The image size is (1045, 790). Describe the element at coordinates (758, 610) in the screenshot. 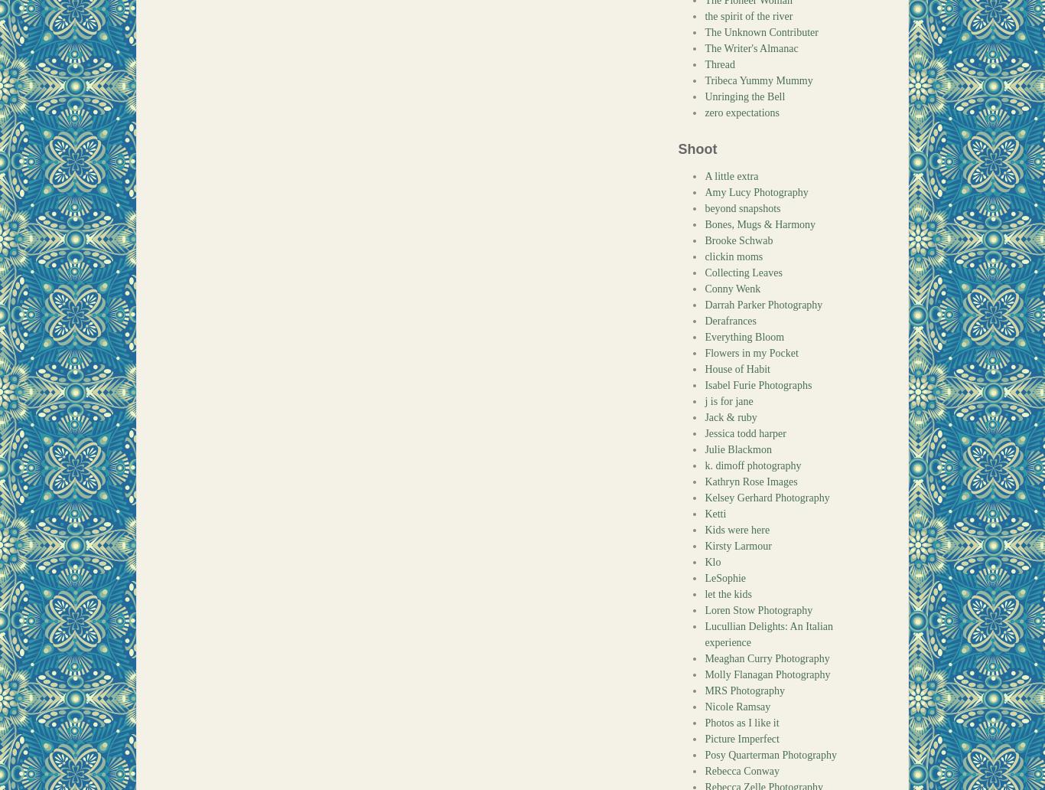

I see `'Loren Stow Photography'` at that location.